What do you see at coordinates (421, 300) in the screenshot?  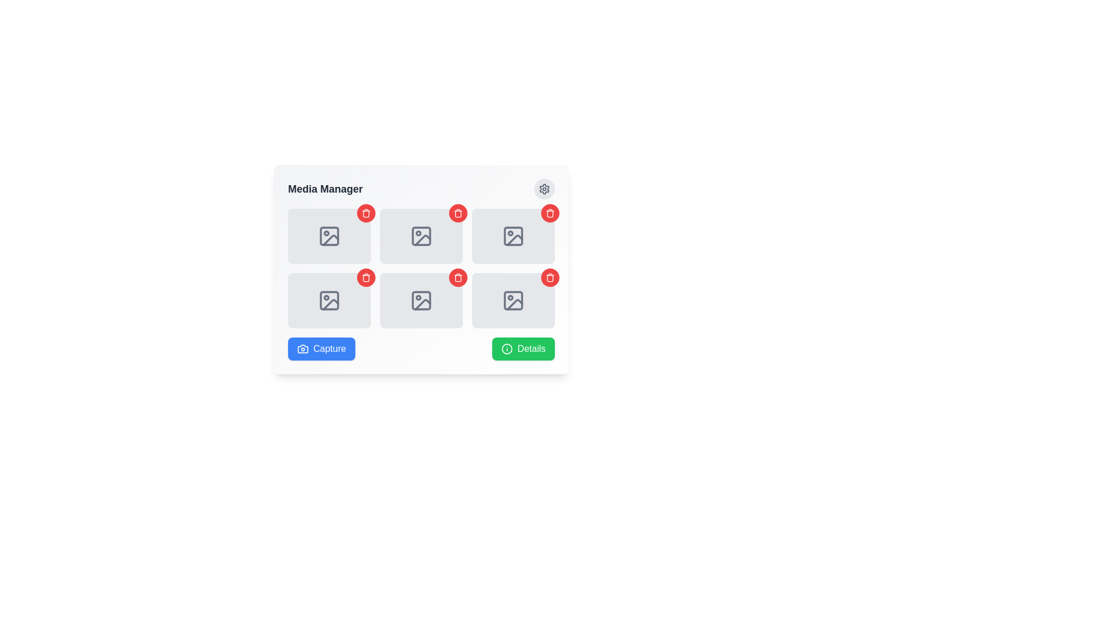 I see `the image placeholder element located in the second row and second column of the grid layout` at bounding box center [421, 300].